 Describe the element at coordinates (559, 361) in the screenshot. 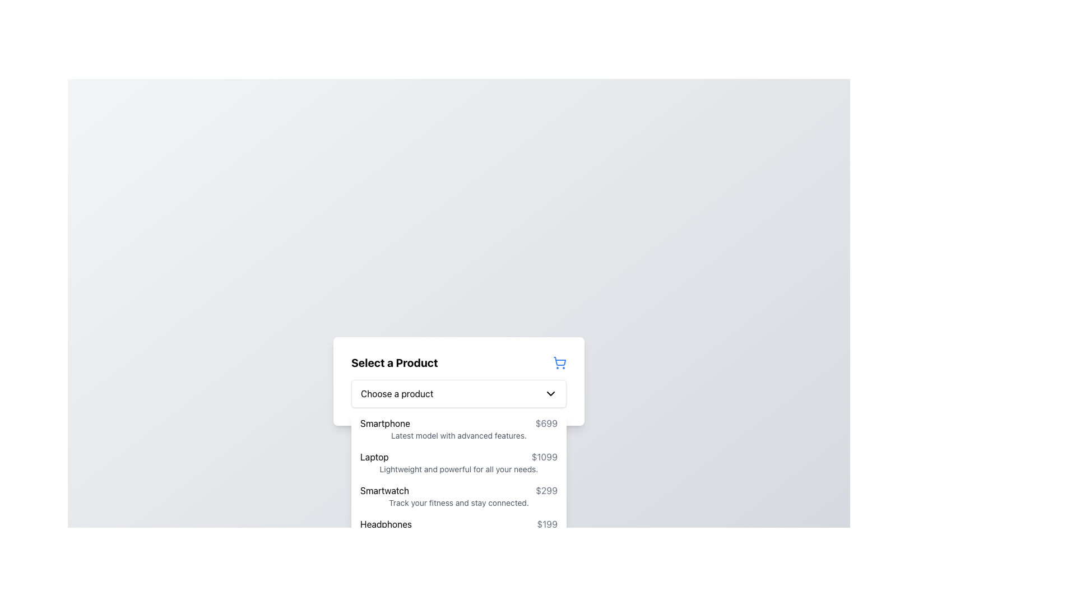

I see `the shopping cart icon, which is a blue SVG graphic located in the top-right corner of the 'Select a Product' UI component` at that location.